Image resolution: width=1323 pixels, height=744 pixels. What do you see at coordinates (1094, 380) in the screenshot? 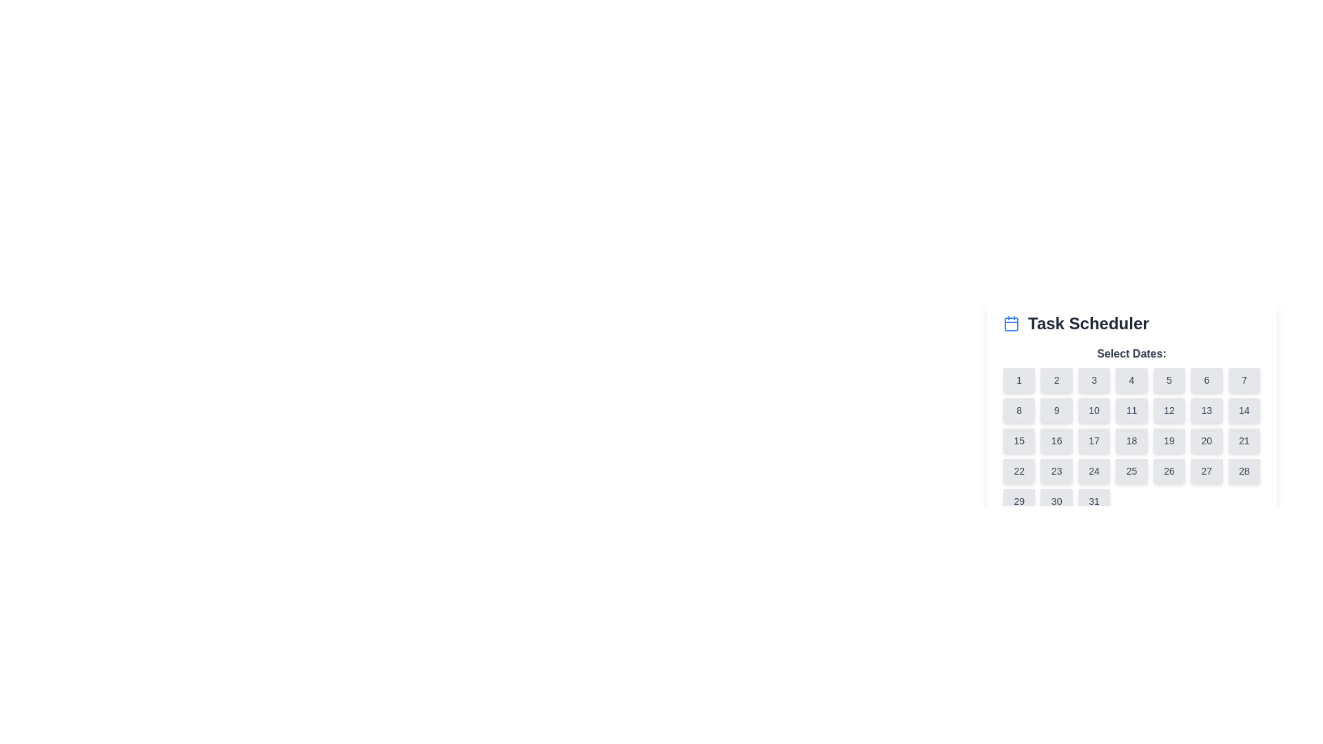
I see `the interactive calendar day button representing the third day in the grid layout of the 'Task Scheduler' calendar interface` at bounding box center [1094, 380].